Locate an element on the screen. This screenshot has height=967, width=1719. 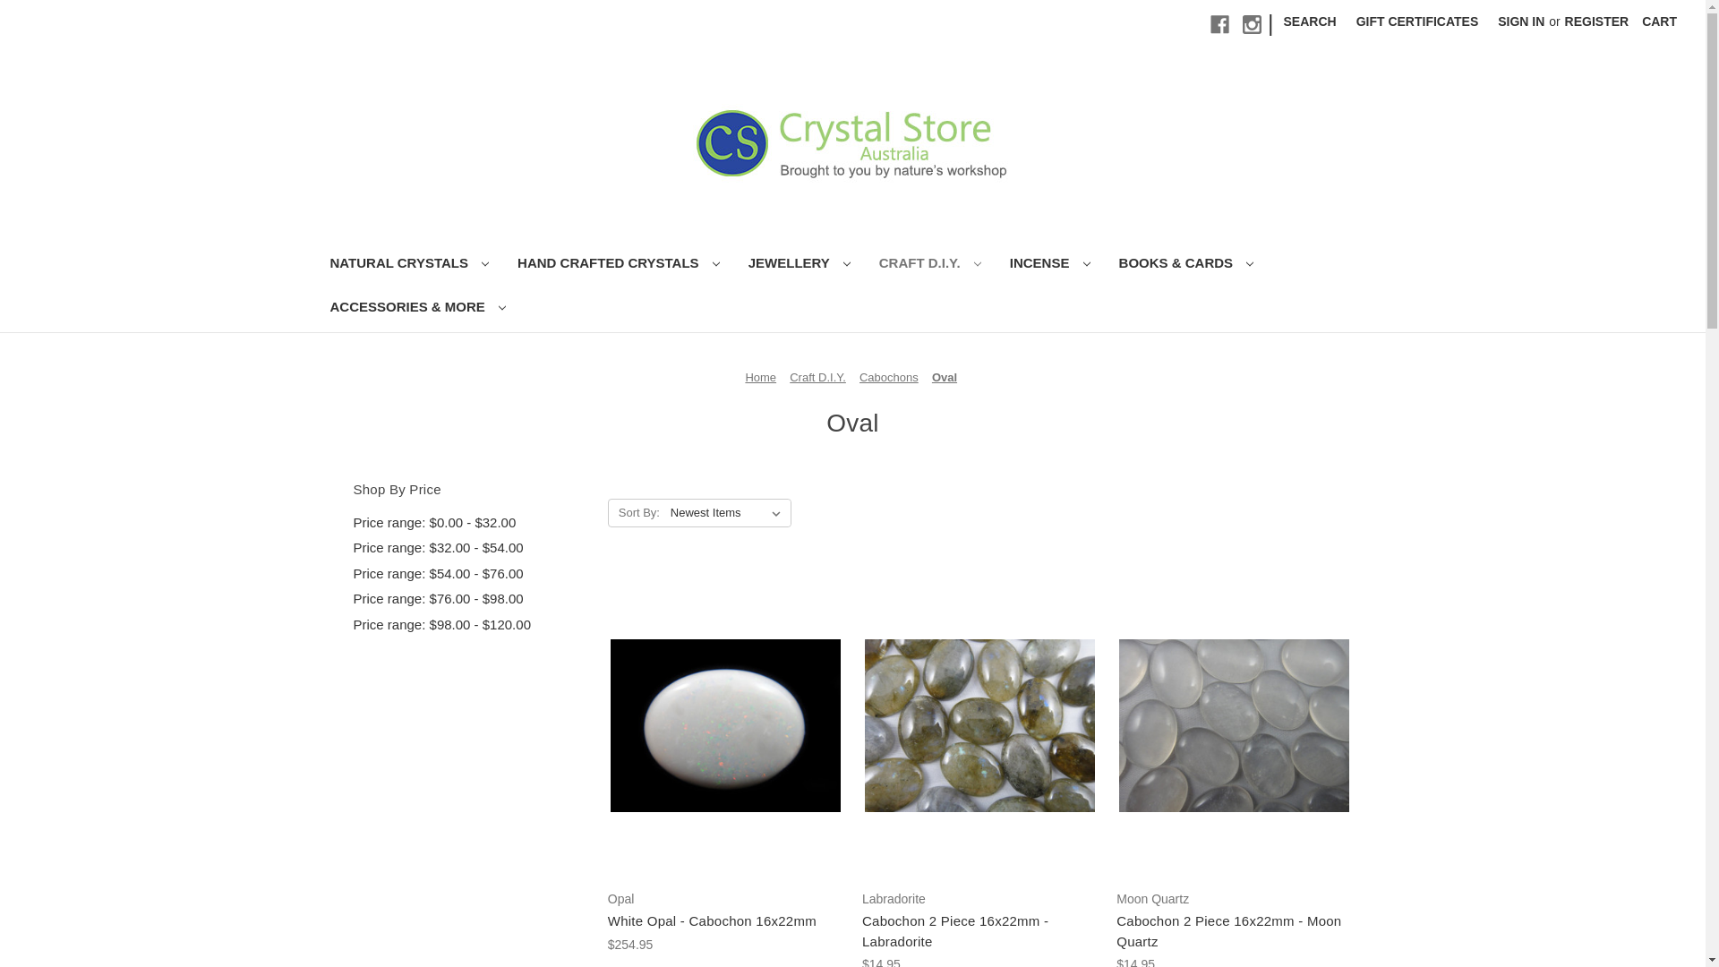
'White Opal - Cabochon 16x22mm' is located at coordinates (725, 921).